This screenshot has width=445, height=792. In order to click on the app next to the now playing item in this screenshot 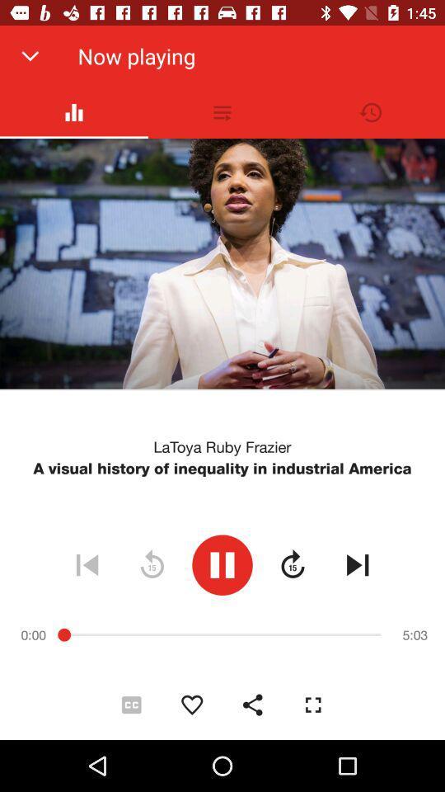, I will do `click(30, 56)`.